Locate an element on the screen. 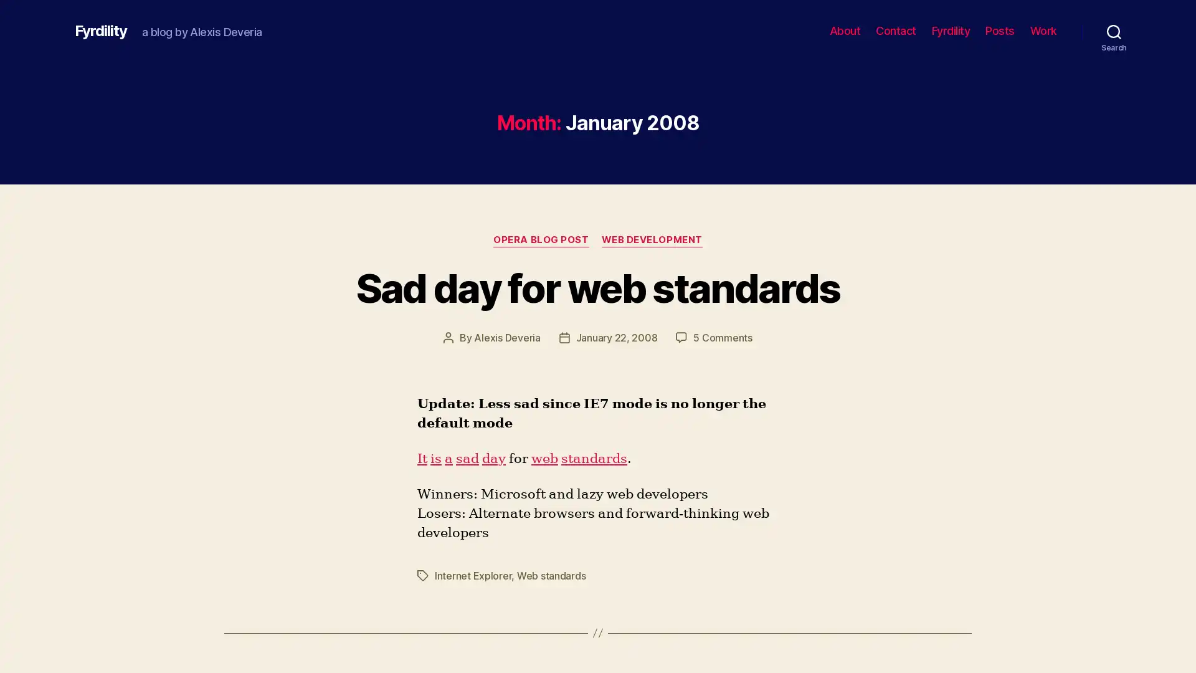 The image size is (1196, 673). Search is located at coordinates (1114, 31).